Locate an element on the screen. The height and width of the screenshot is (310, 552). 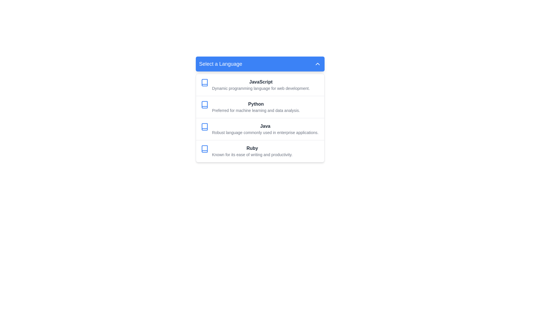
text label displaying 'Robust language commonly used in enterprise applications.' located below the title 'Java' in the vertical selection list under the header 'Select a Language.' is located at coordinates (265, 133).